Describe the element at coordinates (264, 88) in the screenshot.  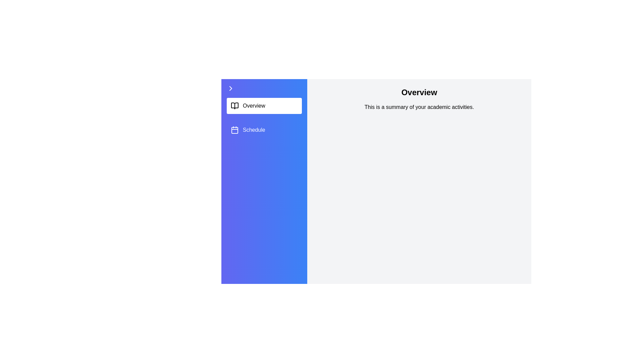
I see `button to toggle the sidebar open or close` at that location.